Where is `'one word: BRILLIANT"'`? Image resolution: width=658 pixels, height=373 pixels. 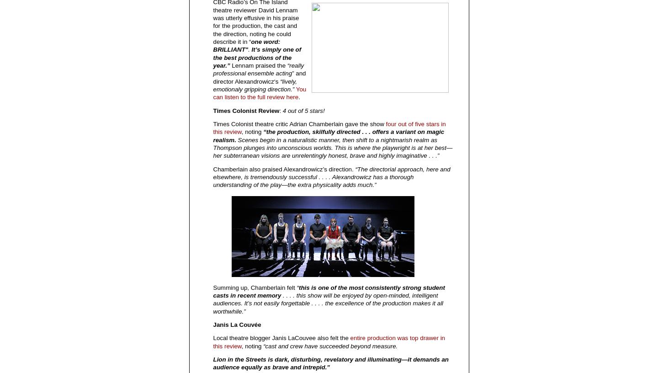 'one word: BRILLIANT"' is located at coordinates (246, 45).